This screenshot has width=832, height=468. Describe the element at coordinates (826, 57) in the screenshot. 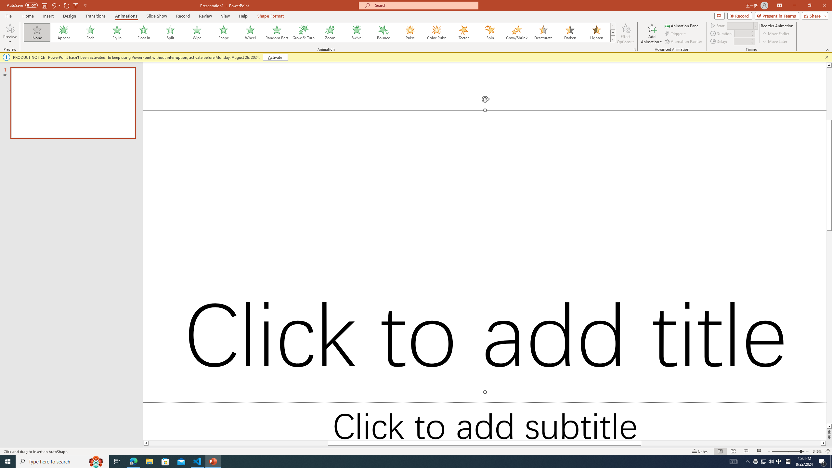

I see `'Close this message'` at that location.